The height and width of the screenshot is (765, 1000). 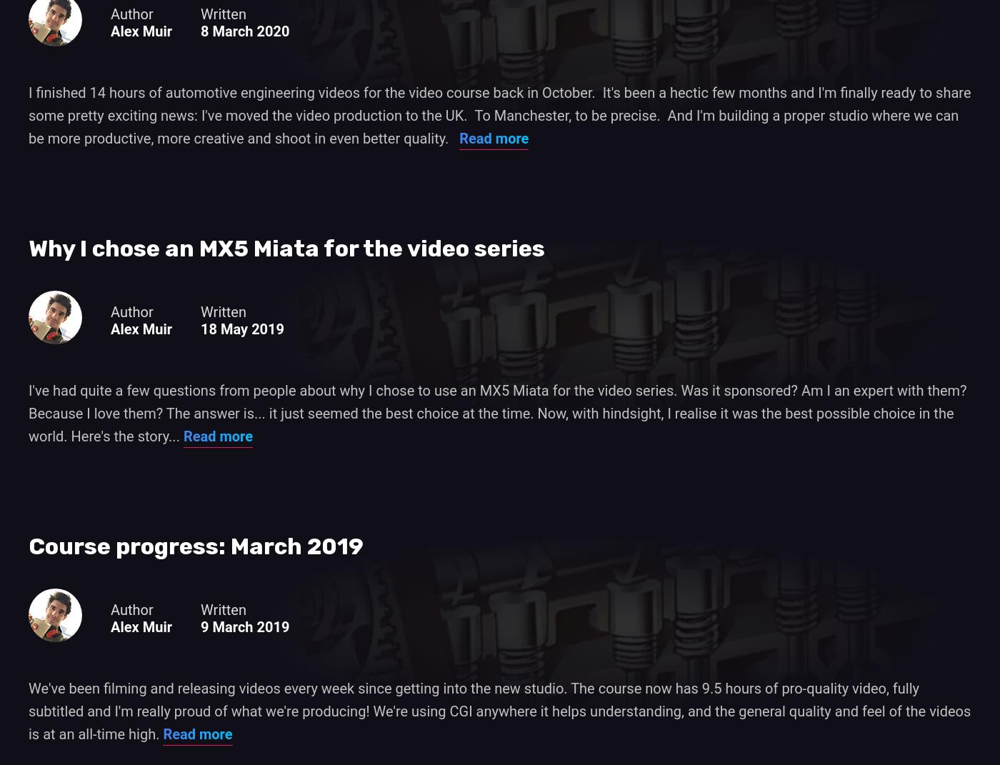 What do you see at coordinates (242, 328) in the screenshot?
I see `'18 May 2019'` at bounding box center [242, 328].